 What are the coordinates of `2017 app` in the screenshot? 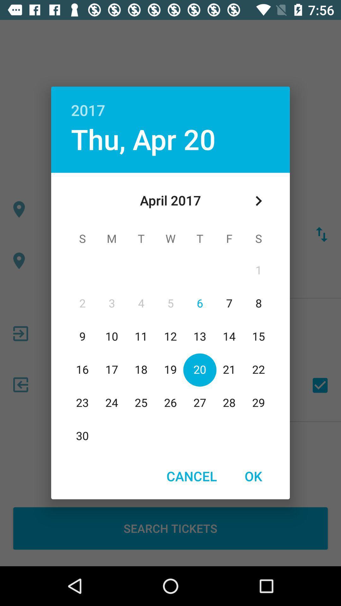 It's located at (170, 103).